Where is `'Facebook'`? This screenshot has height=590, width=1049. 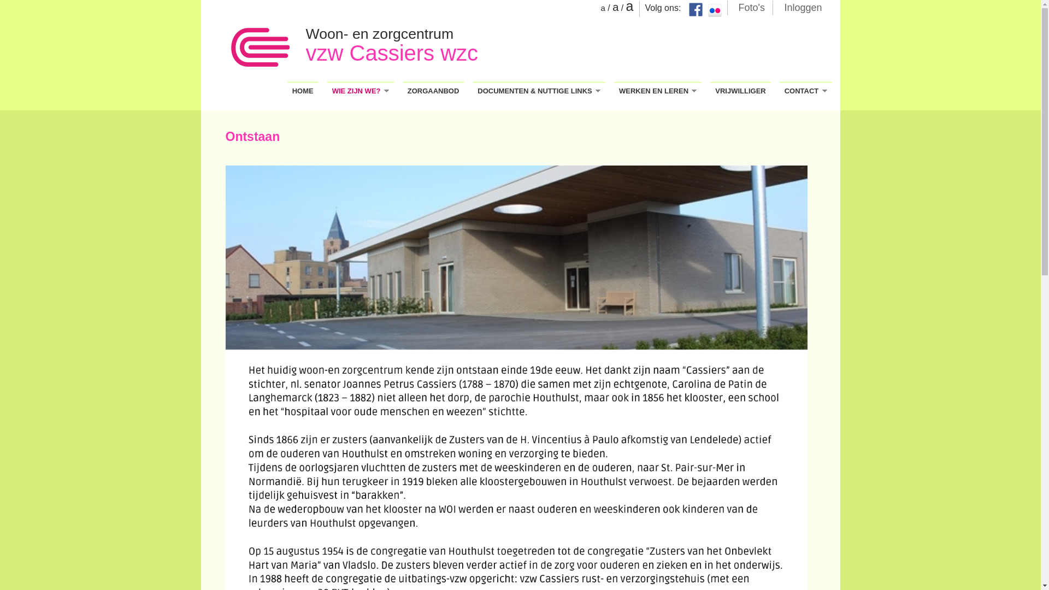
'Facebook' is located at coordinates (694, 9).